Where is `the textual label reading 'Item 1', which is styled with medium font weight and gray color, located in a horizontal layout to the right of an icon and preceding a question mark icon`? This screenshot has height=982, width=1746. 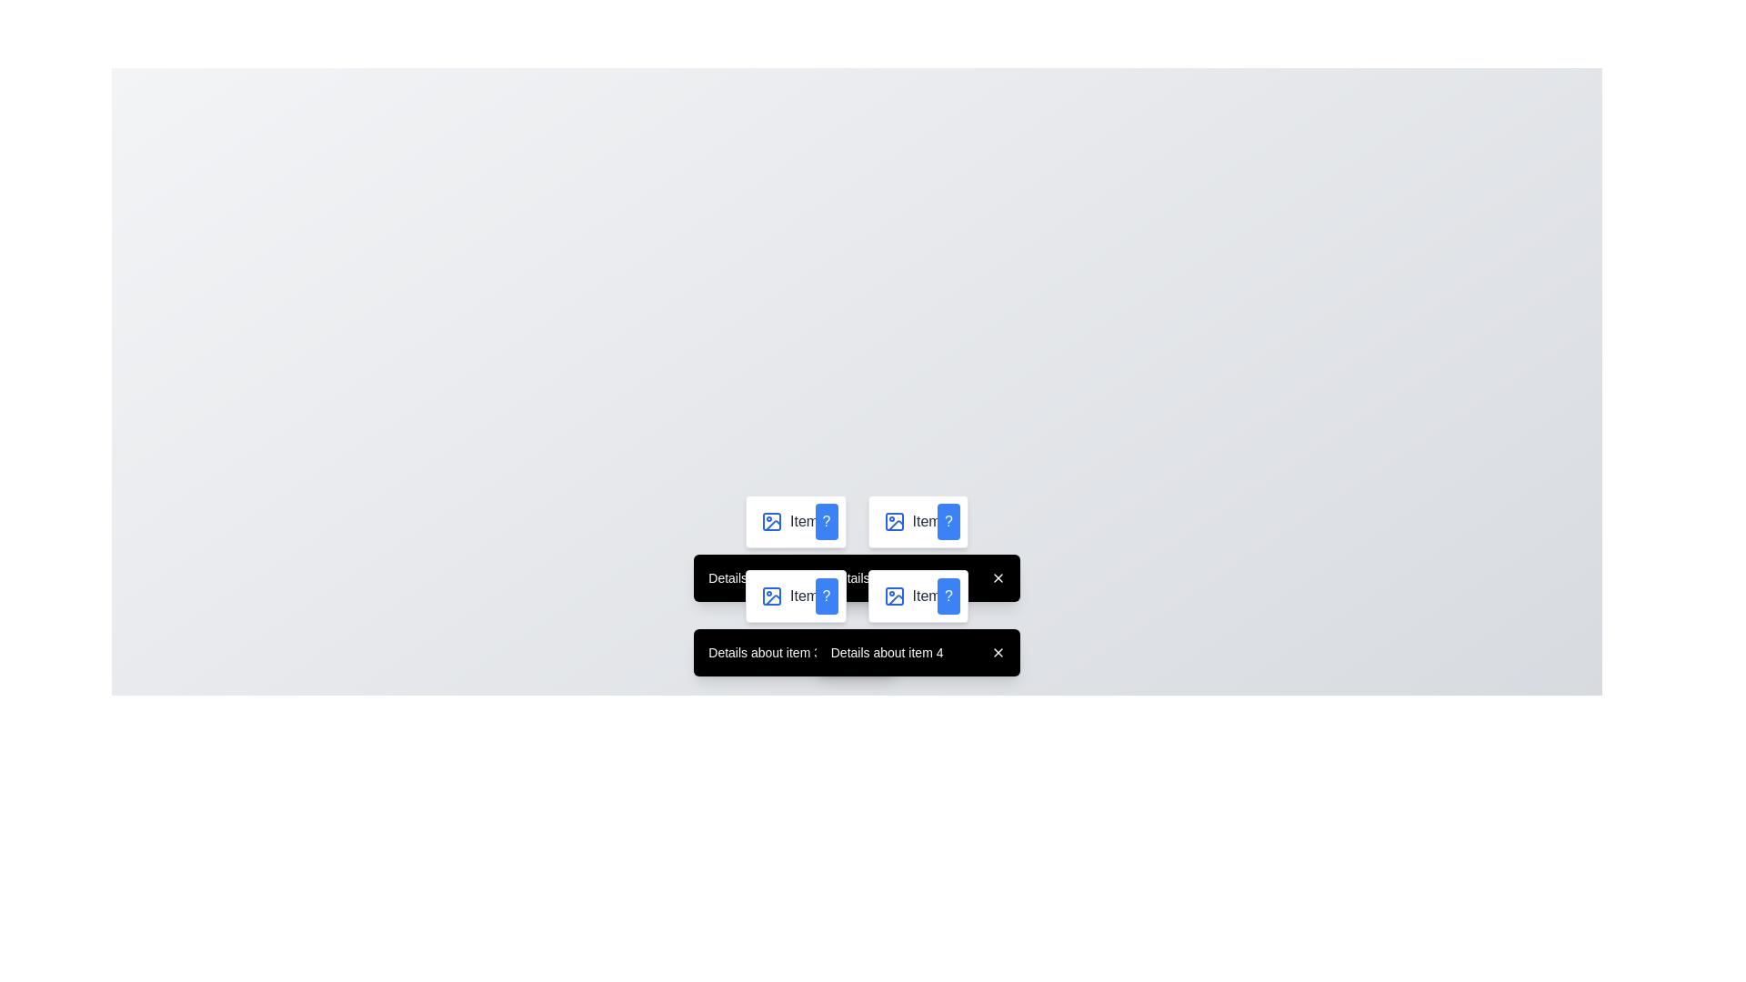
the textual label reading 'Item 1', which is styled with medium font weight and gray color, located in a horizontal layout to the right of an icon and preceding a question mark icon is located at coordinates (809, 522).